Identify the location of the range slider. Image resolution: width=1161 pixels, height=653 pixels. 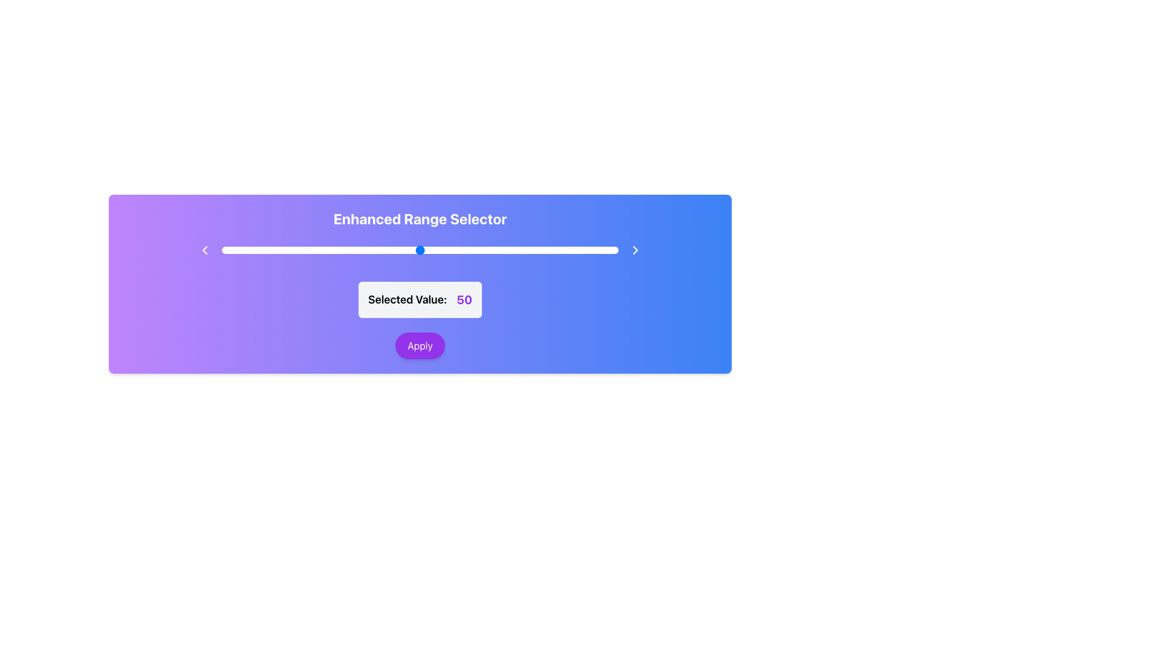
(340, 249).